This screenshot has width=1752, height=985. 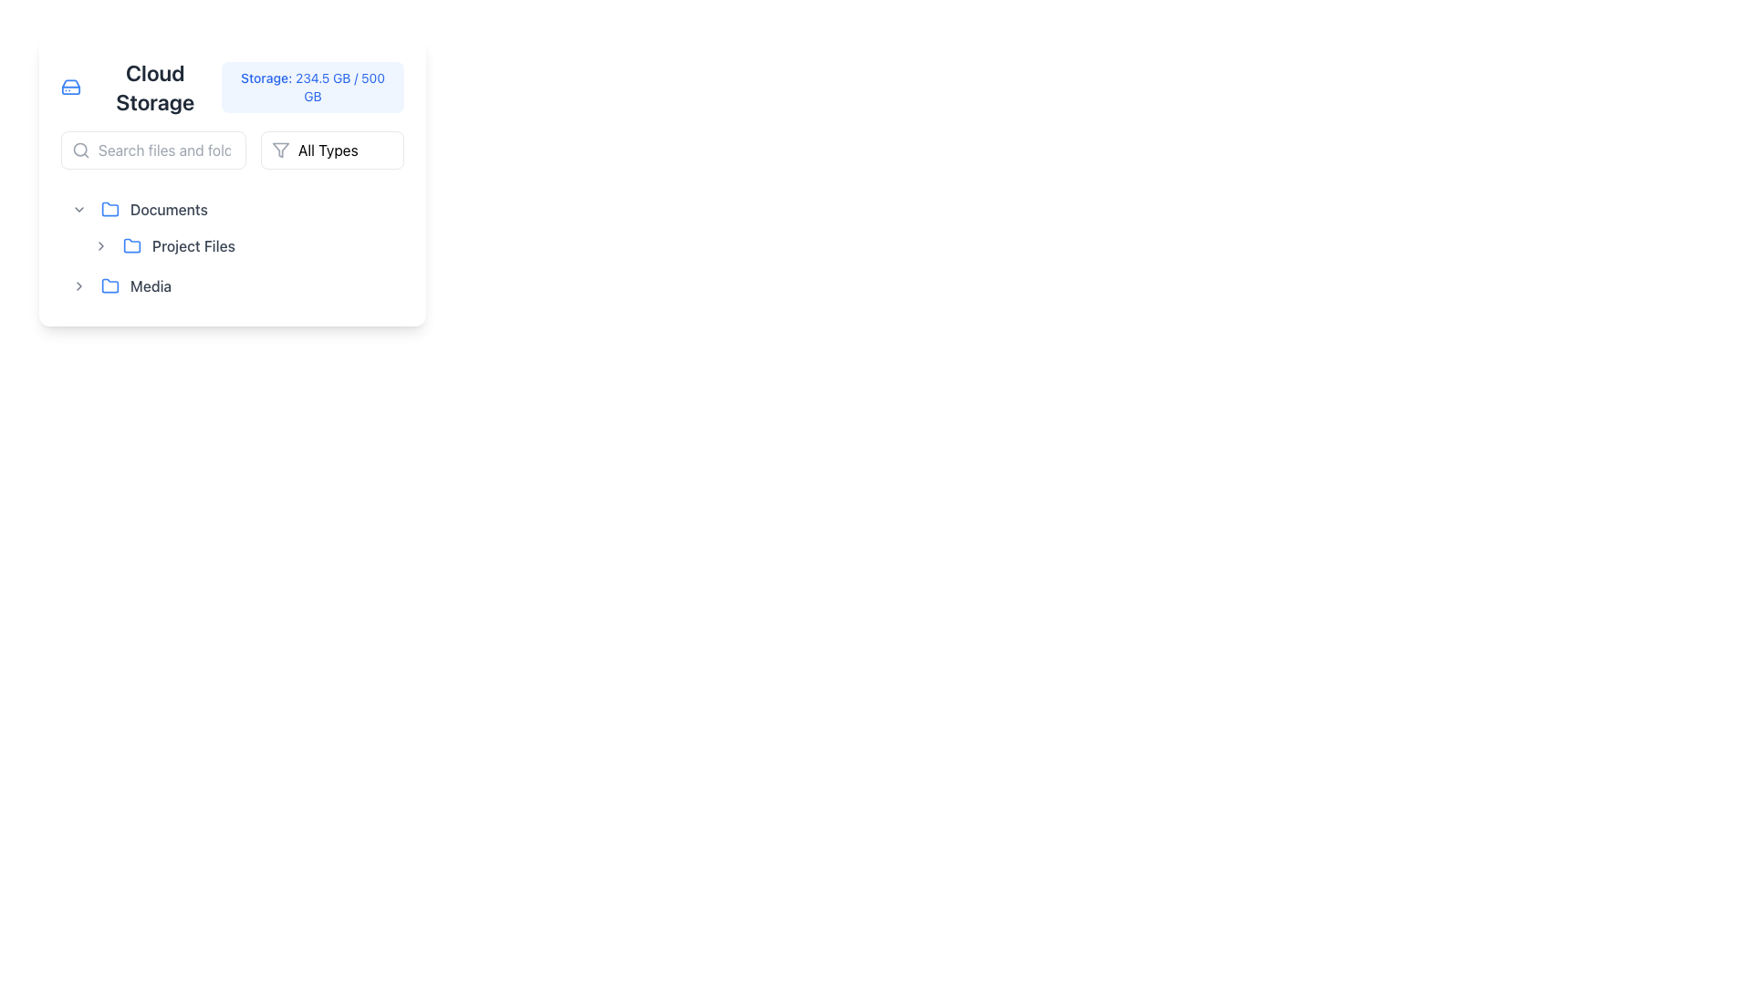 I want to click on the 'Project Files' list item in the 'Cloud Storage' sidebar, so click(x=243, y=246).